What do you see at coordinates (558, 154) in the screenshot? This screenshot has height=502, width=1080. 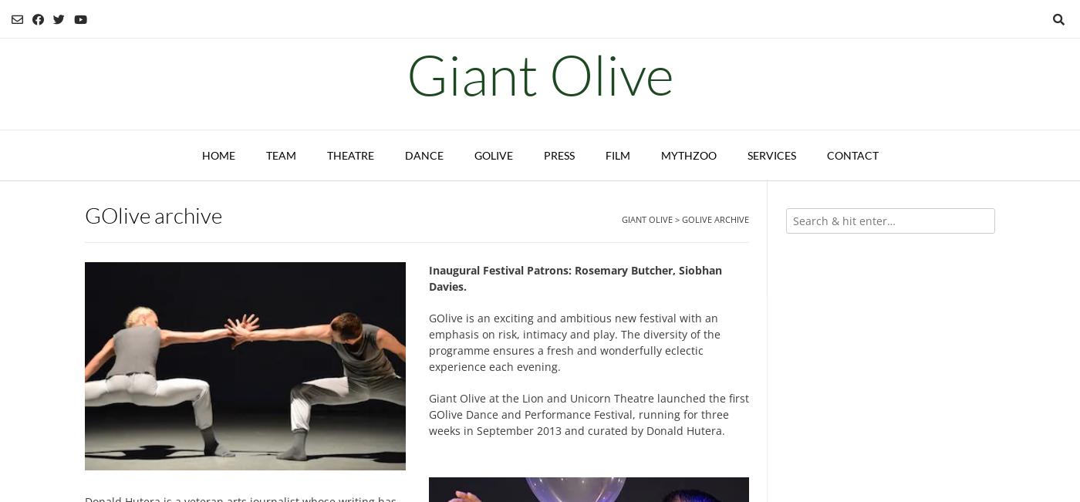 I see `'Press'` at bounding box center [558, 154].